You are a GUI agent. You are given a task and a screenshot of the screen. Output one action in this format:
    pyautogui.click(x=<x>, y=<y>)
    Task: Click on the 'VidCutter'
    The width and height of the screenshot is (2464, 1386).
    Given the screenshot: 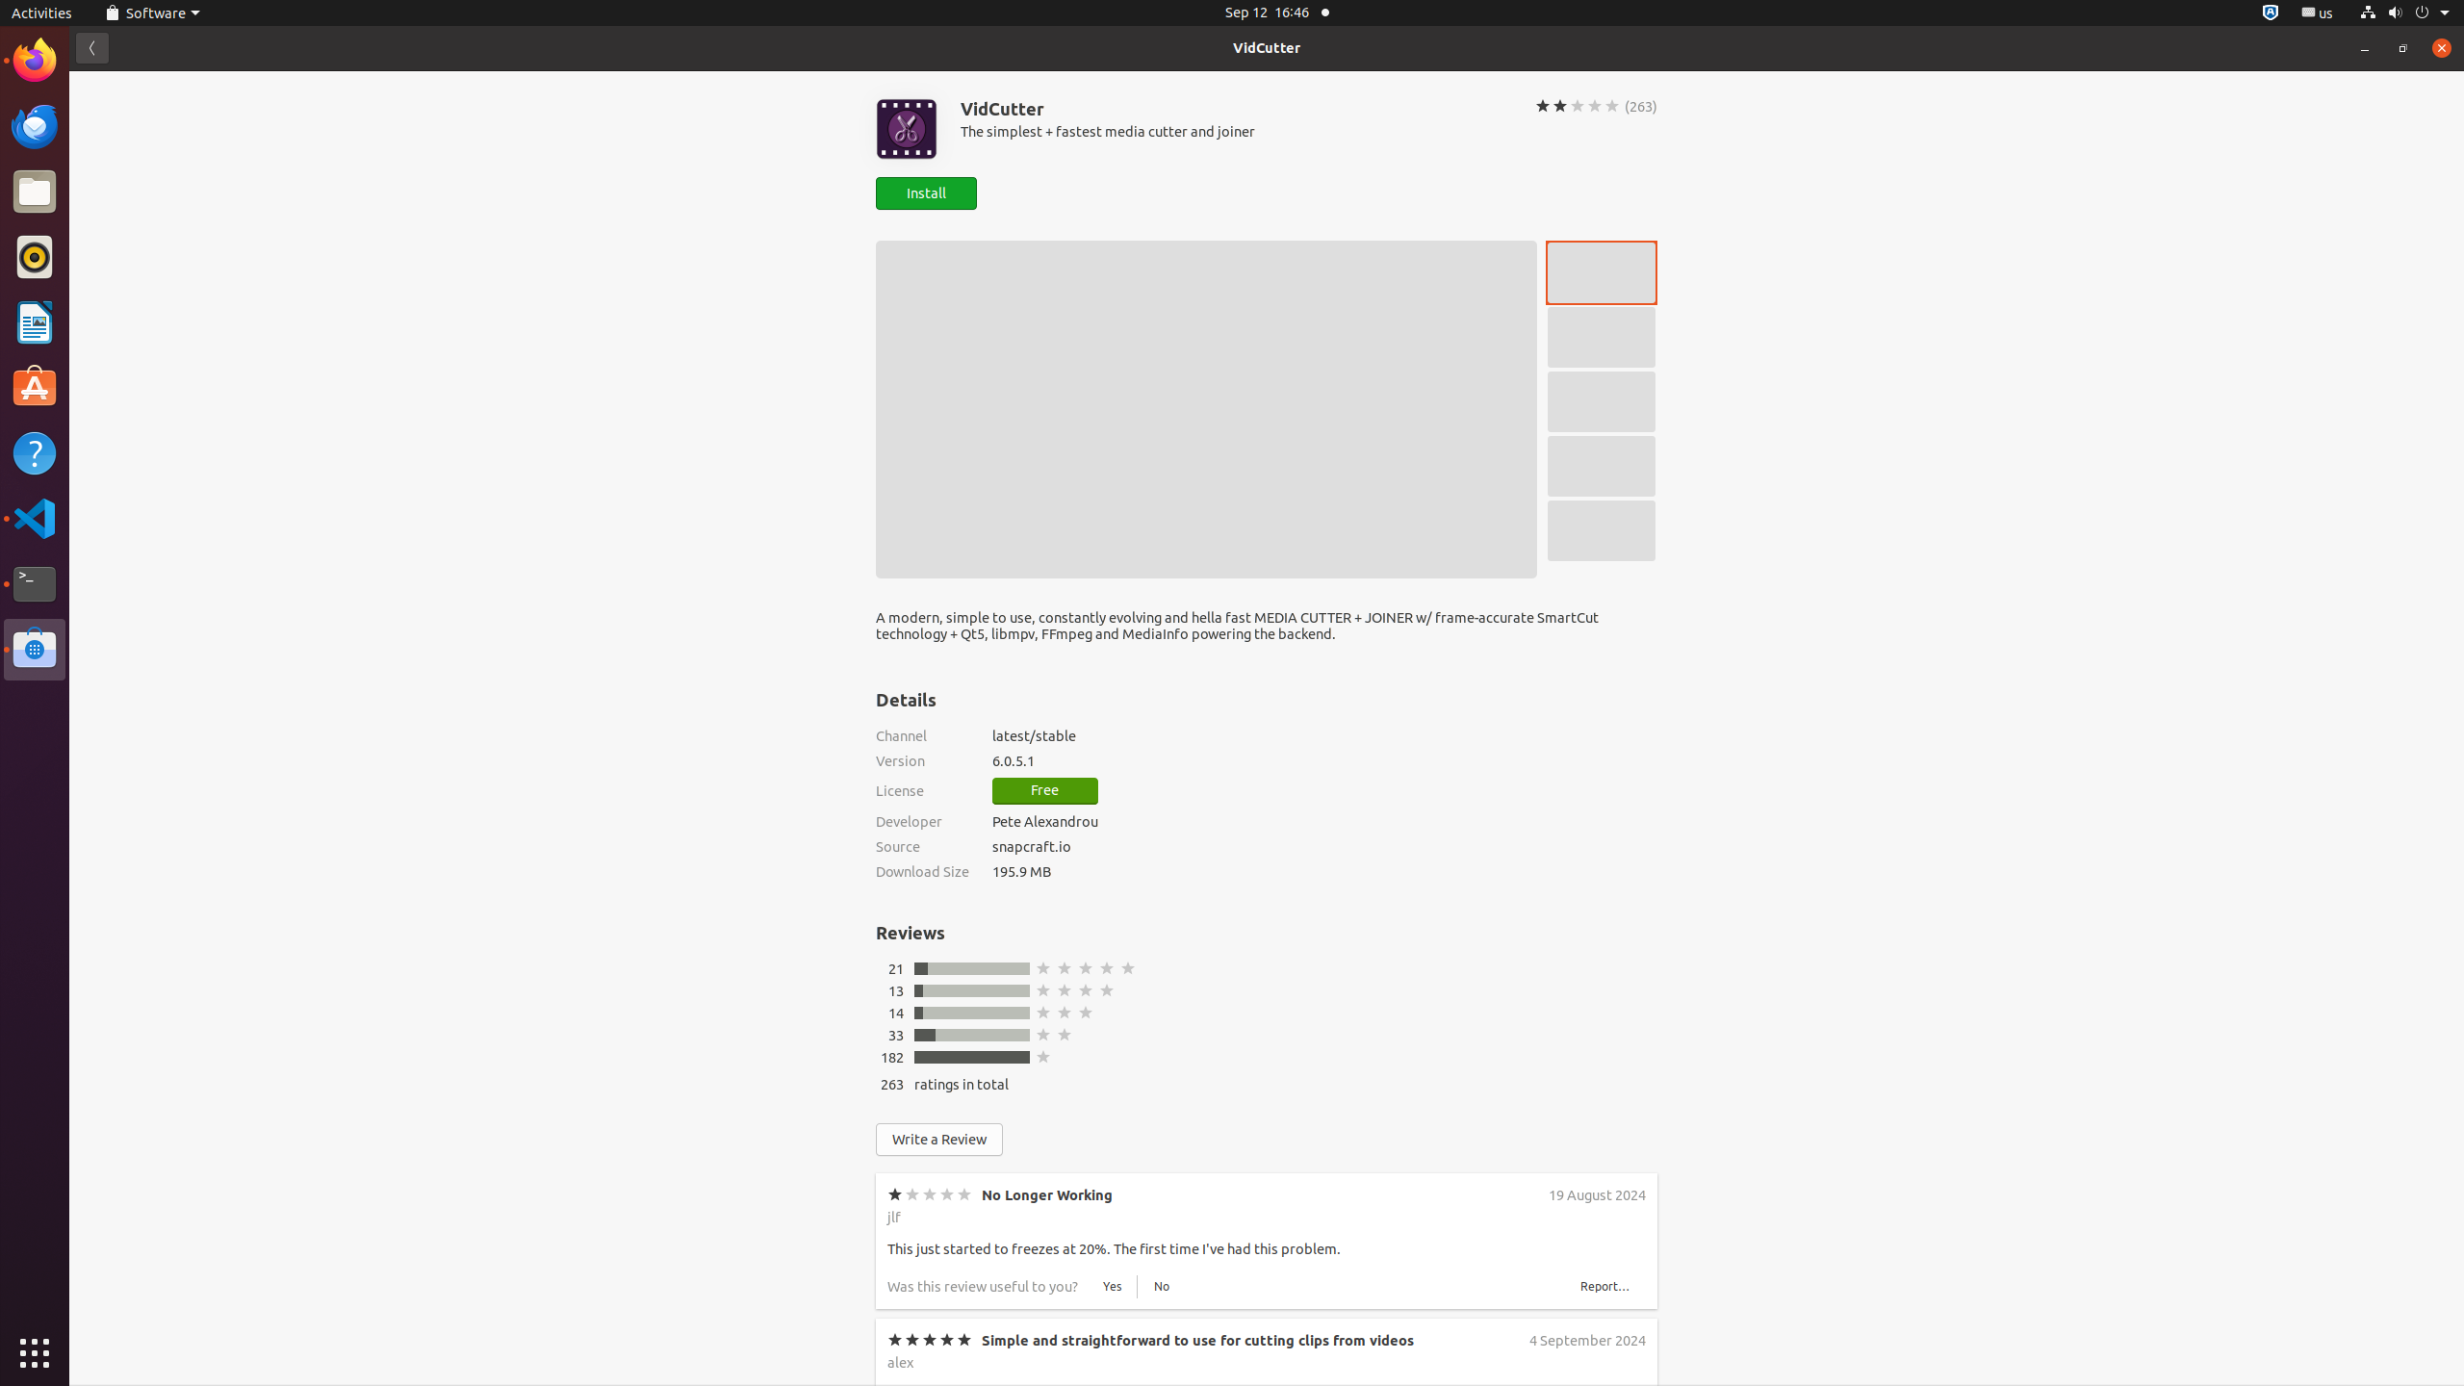 What is the action you would take?
    pyautogui.click(x=1267, y=47)
    